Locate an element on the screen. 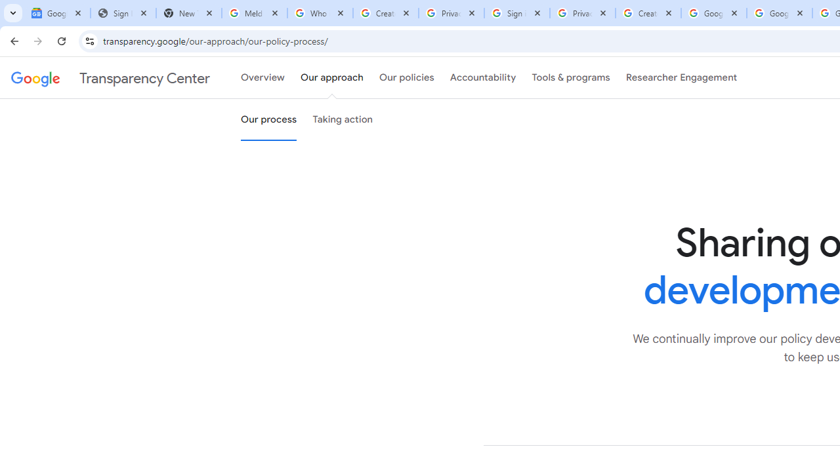 The width and height of the screenshot is (840, 472). 'New Tab' is located at coordinates (188, 13).